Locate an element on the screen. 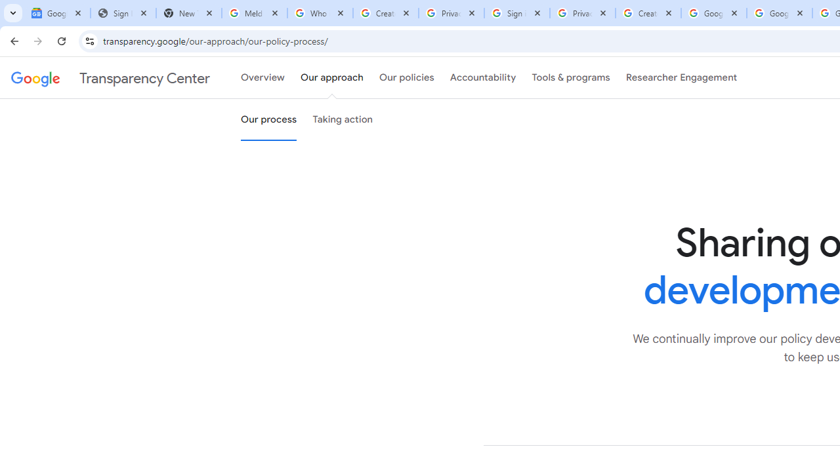 The width and height of the screenshot is (840, 472). 'New Tab' is located at coordinates (188, 13).